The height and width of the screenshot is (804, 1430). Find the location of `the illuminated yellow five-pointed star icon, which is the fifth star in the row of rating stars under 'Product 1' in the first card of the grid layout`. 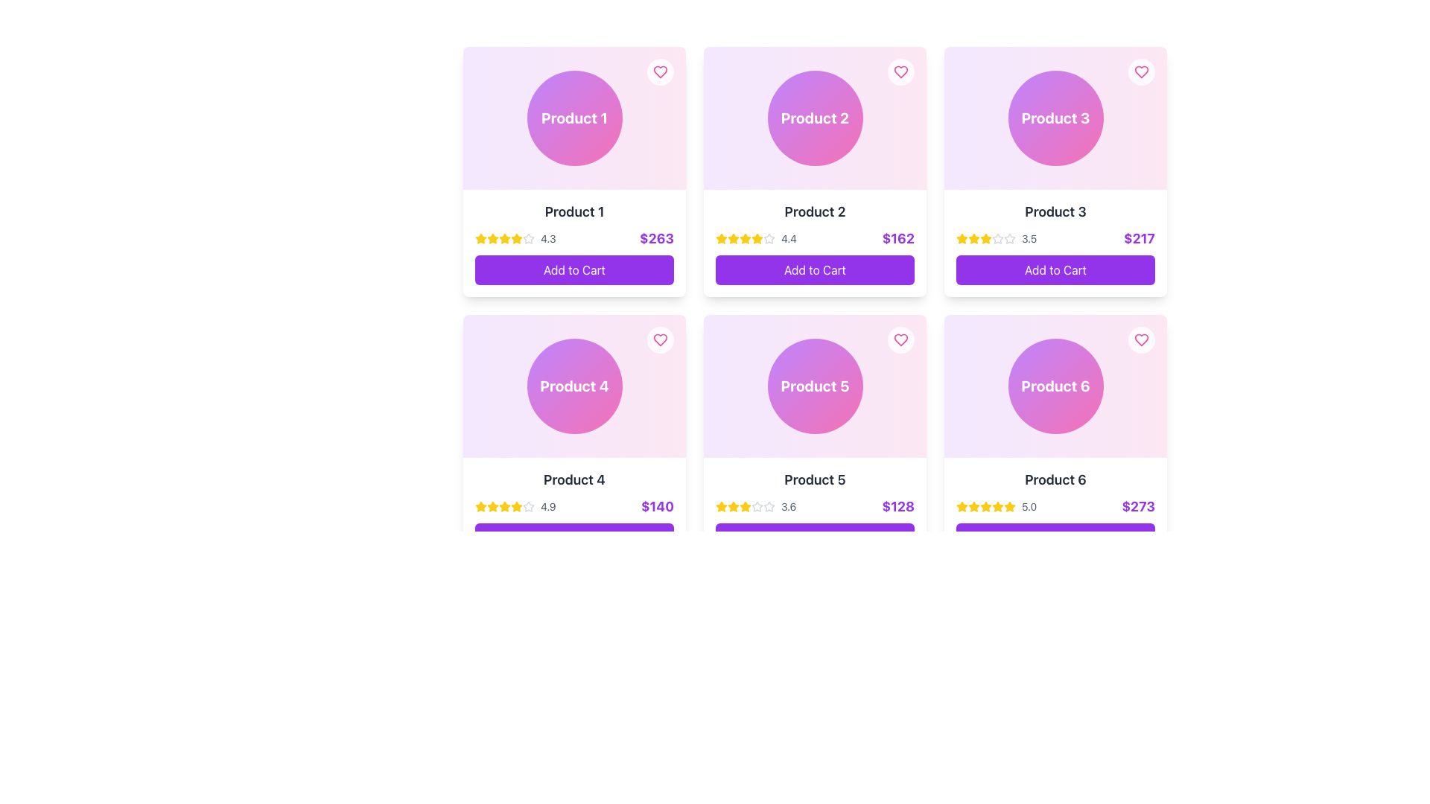

the illuminated yellow five-pointed star icon, which is the fifth star in the row of rating stars under 'Product 1' in the first card of the grid layout is located at coordinates (517, 237).